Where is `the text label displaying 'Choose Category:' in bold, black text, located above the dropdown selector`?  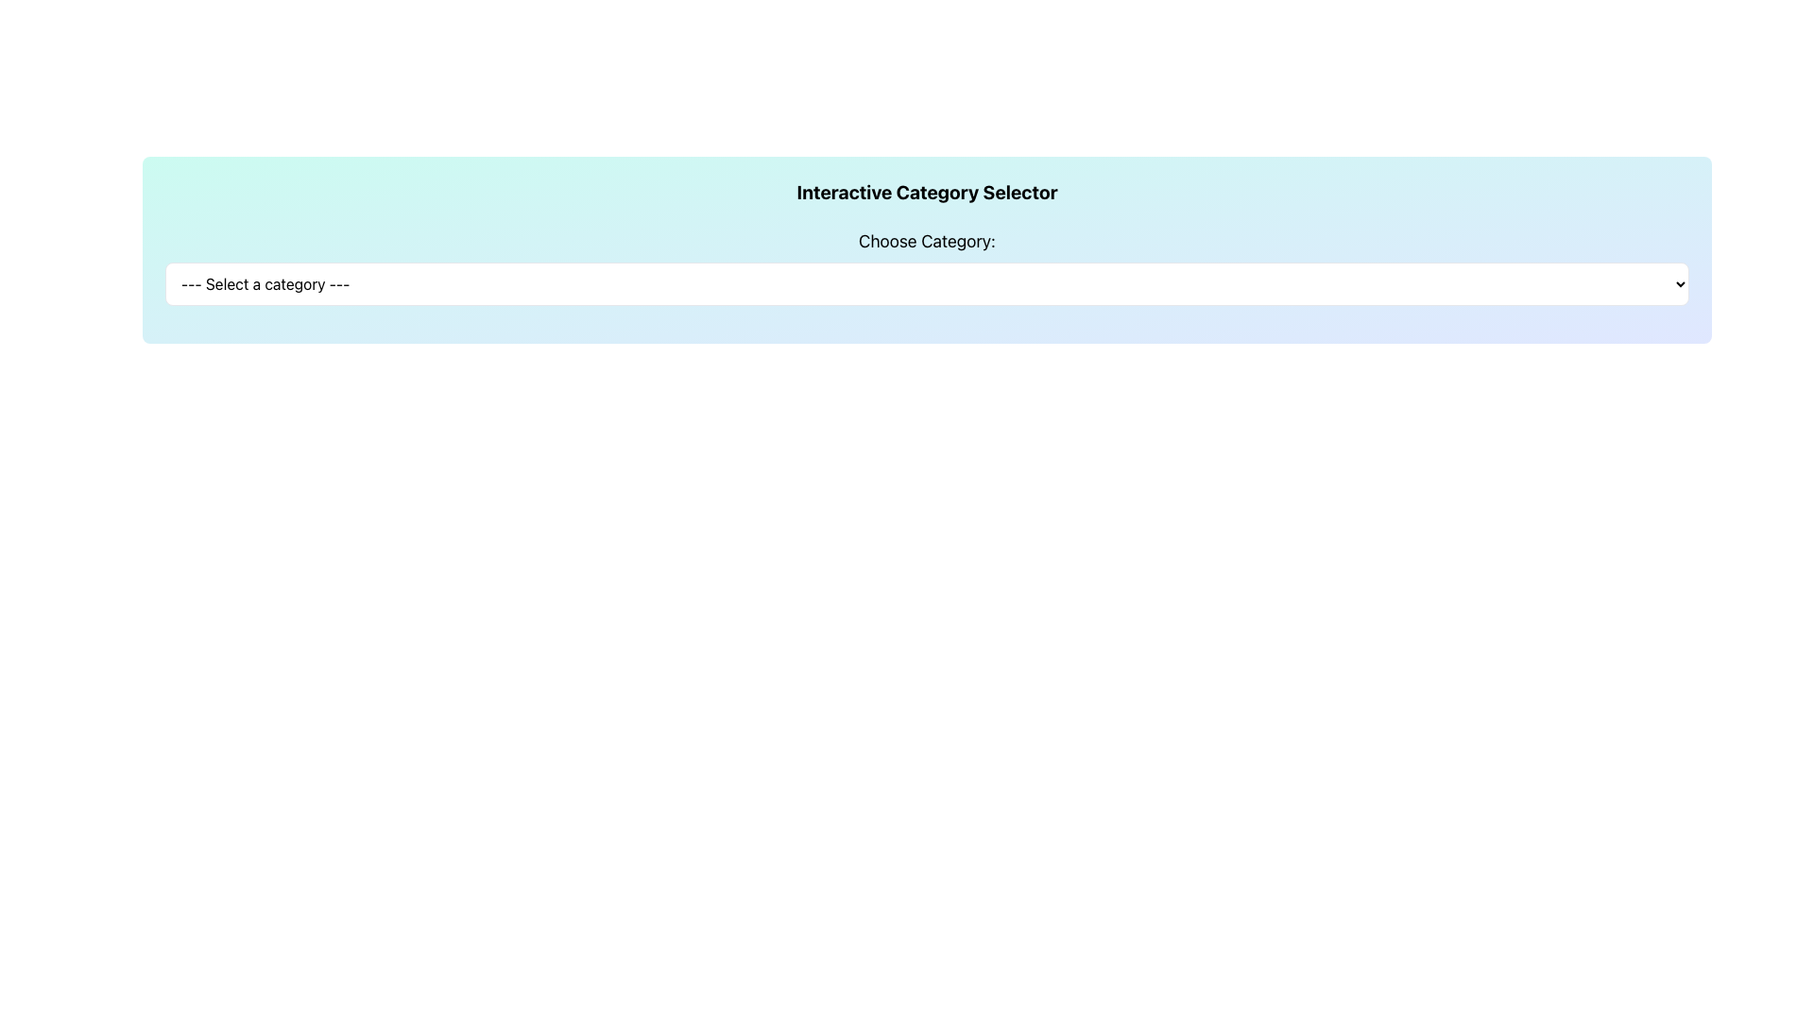 the text label displaying 'Choose Category:' in bold, black text, located above the dropdown selector is located at coordinates (927, 240).